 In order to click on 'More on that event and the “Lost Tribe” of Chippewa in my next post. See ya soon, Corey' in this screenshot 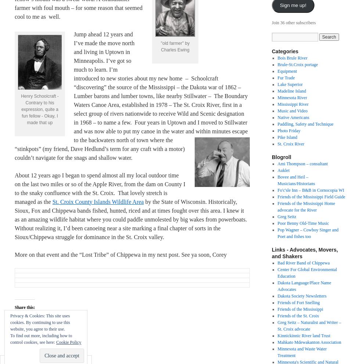, I will do `click(120, 254)`.